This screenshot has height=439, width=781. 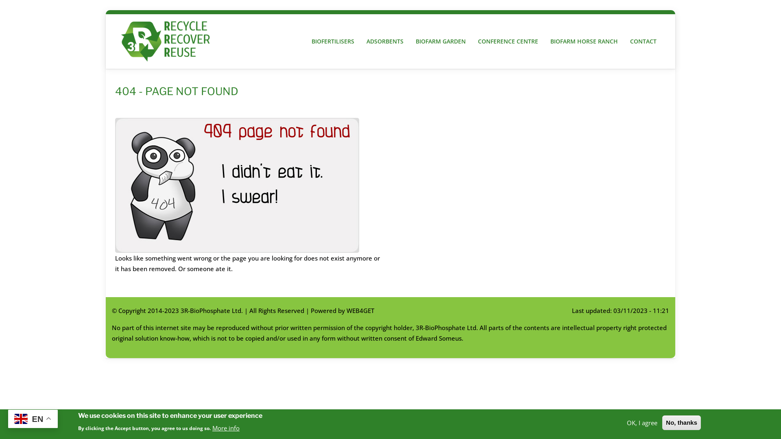 What do you see at coordinates (681, 422) in the screenshot?
I see `'No, thanks'` at bounding box center [681, 422].